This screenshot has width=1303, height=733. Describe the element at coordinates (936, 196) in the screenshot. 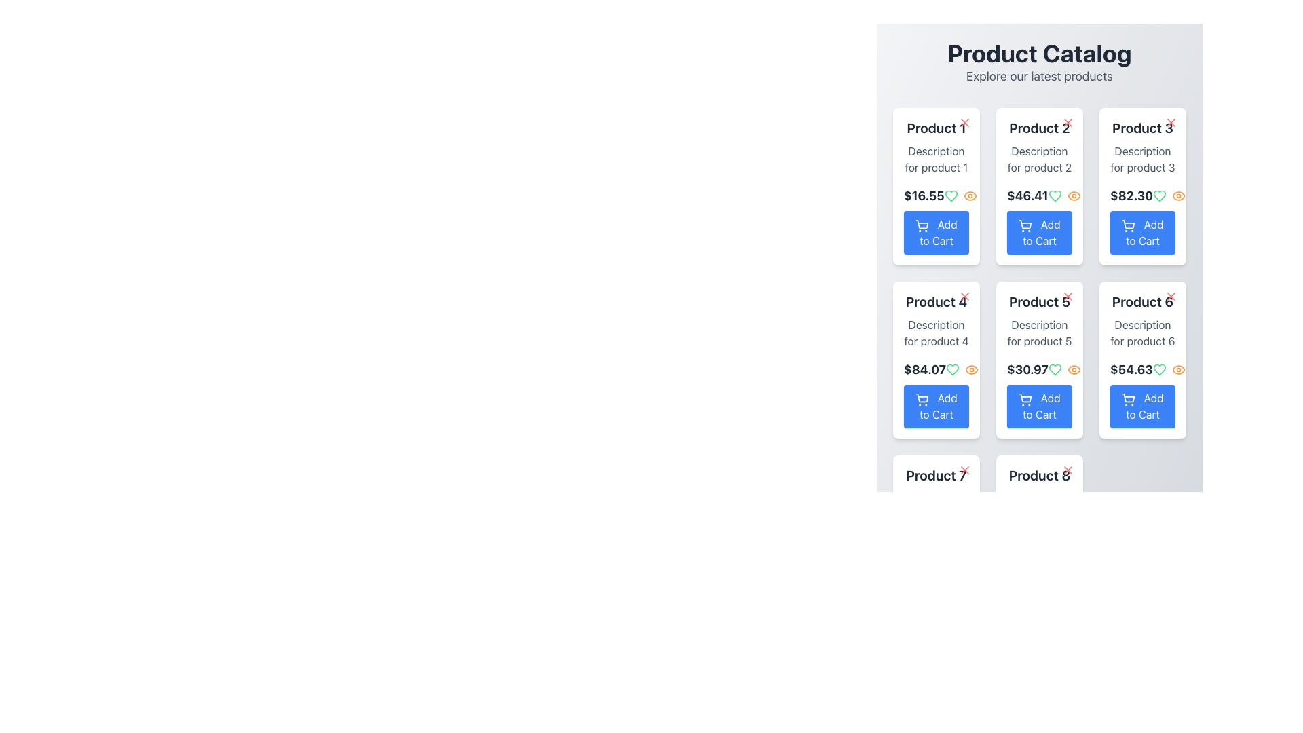

I see `pricing information displayed in the bold, large-sized text label showing '$16.55', located in the first product card, just below the description text and above the 'Add to Cart' button` at that location.